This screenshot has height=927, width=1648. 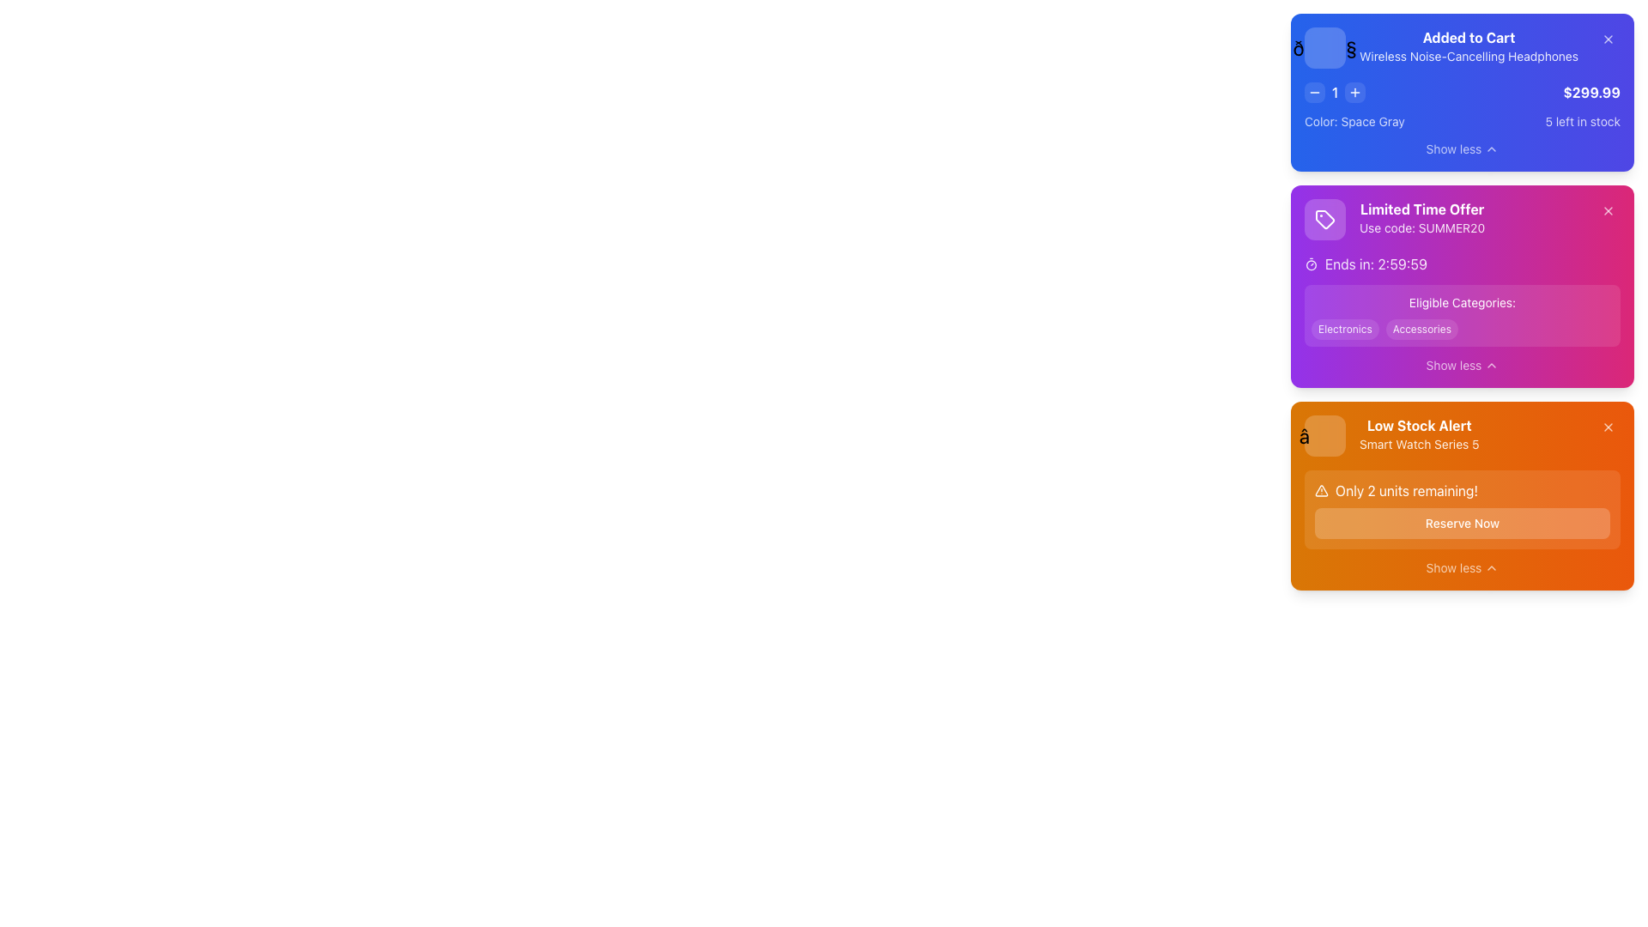 I want to click on the button located at the bottom of the 'Limited Time Offer' section to change its appearance, so click(x=1462, y=364).